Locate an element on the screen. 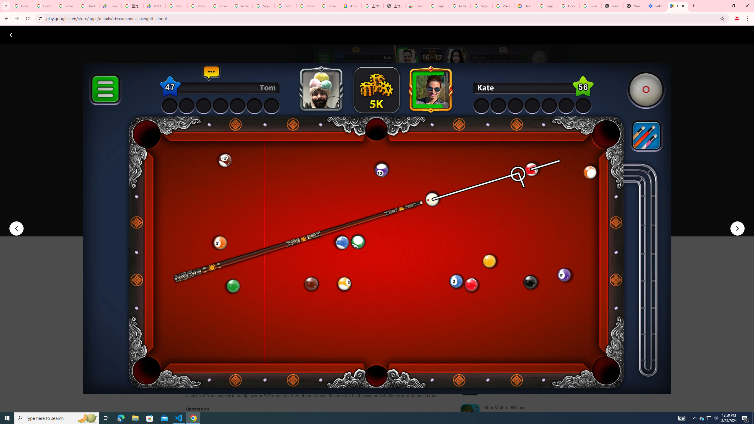 This screenshot has height=424, width=754. 'Next' is located at coordinates (737, 228).